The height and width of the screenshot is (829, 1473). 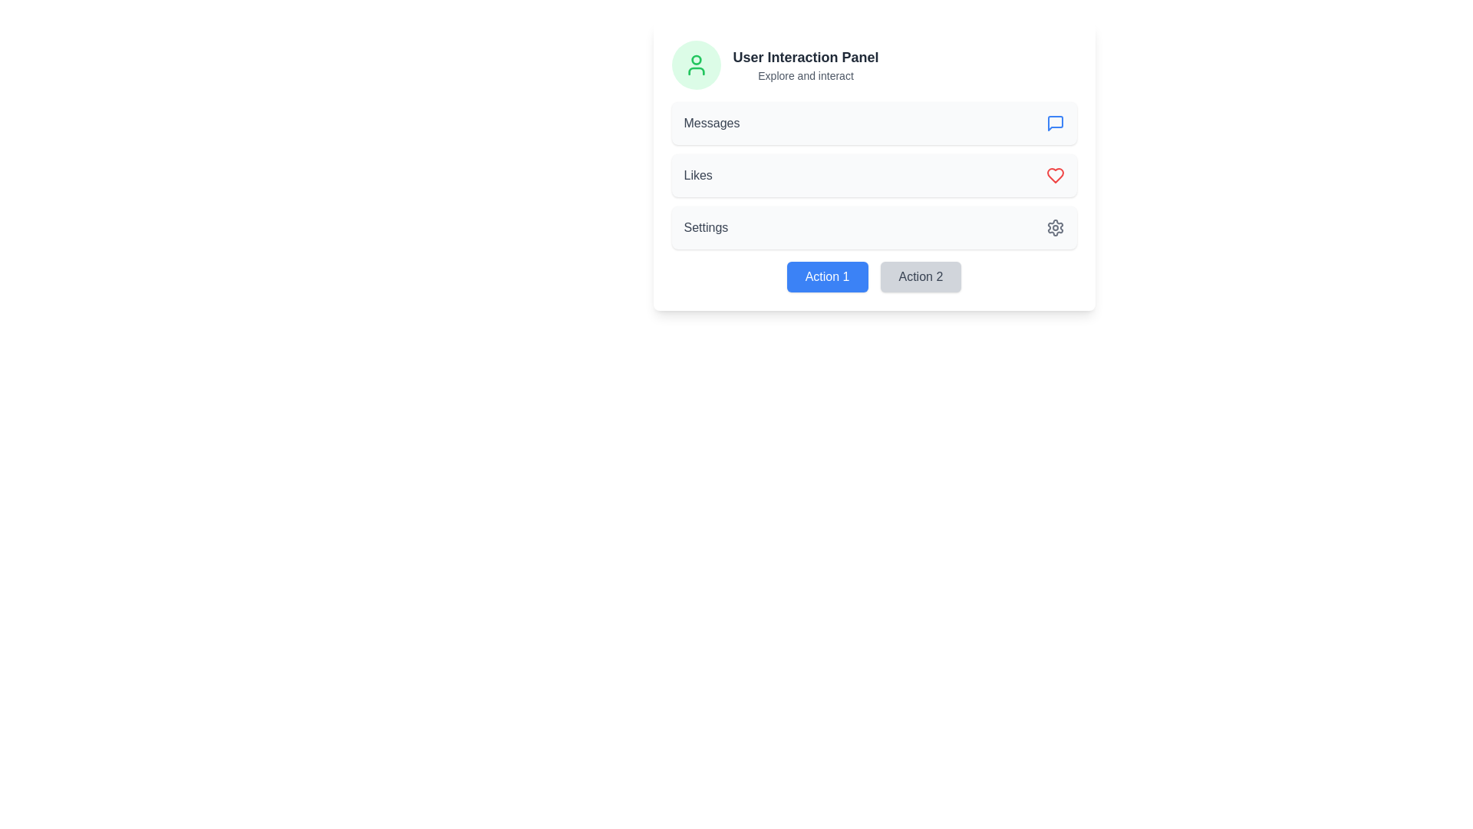 I want to click on the messages navigation button located below the 'User Interaction Panel' and above 'Likes' and 'Settings', so click(x=874, y=123).